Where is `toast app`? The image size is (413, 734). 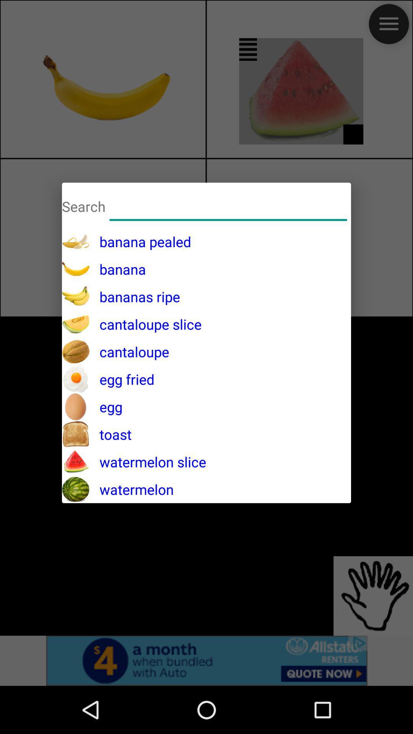
toast app is located at coordinates (111, 434).